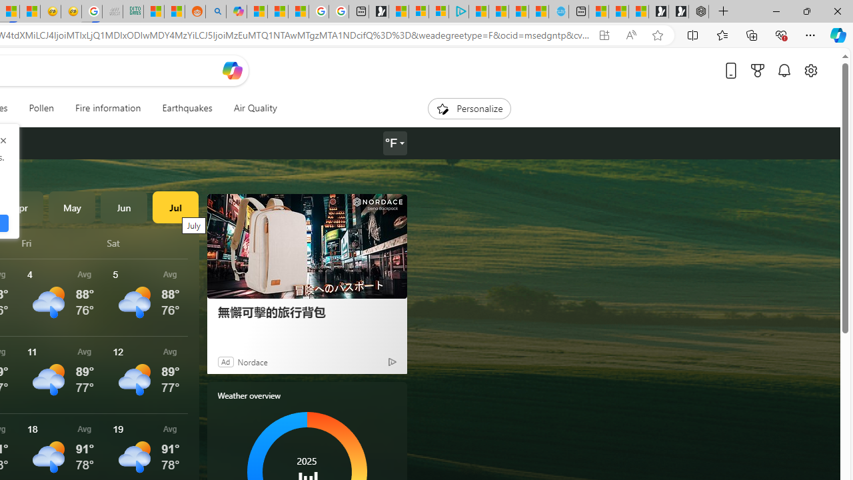 The image size is (853, 480). I want to click on 'Earthquakes', so click(186, 108).